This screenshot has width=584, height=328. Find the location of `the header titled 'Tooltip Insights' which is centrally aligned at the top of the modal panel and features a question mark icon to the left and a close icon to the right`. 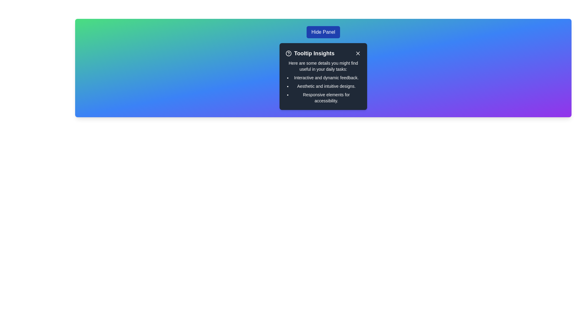

the header titled 'Tooltip Insights' which is centrally aligned at the top of the modal panel and features a question mark icon to the left and a close icon to the right is located at coordinates (323, 53).